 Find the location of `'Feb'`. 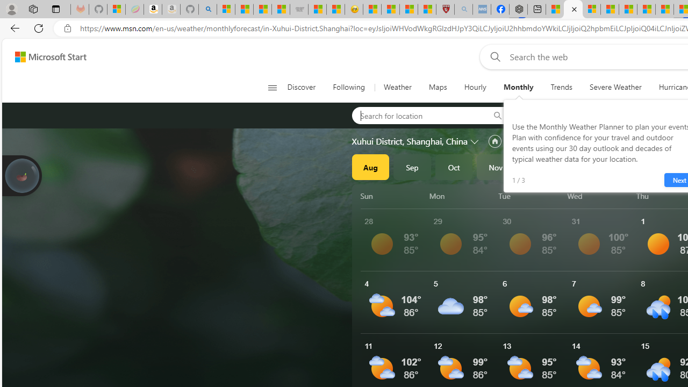

'Feb' is located at coordinates (621, 167).